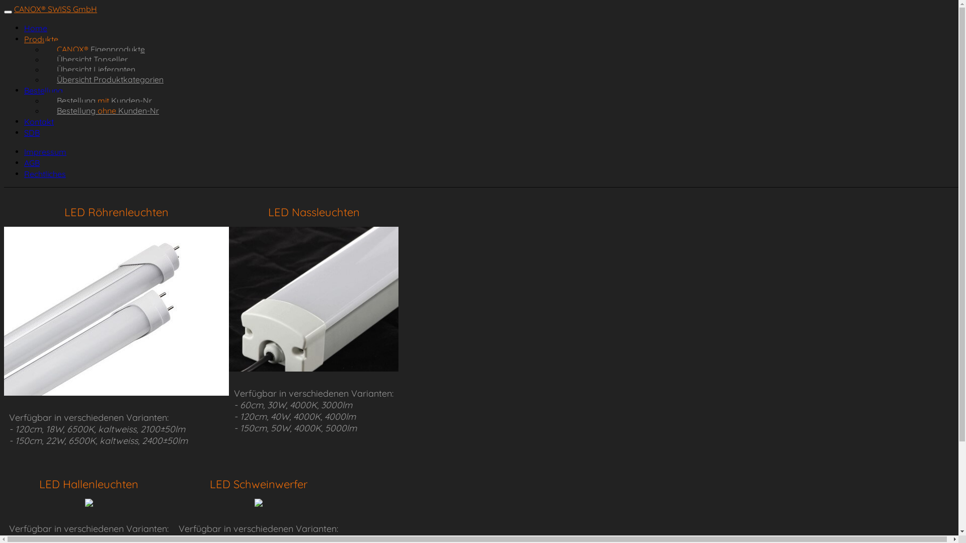 This screenshot has height=543, width=966. Describe the element at coordinates (39, 121) in the screenshot. I see `'Kontakt'` at that location.